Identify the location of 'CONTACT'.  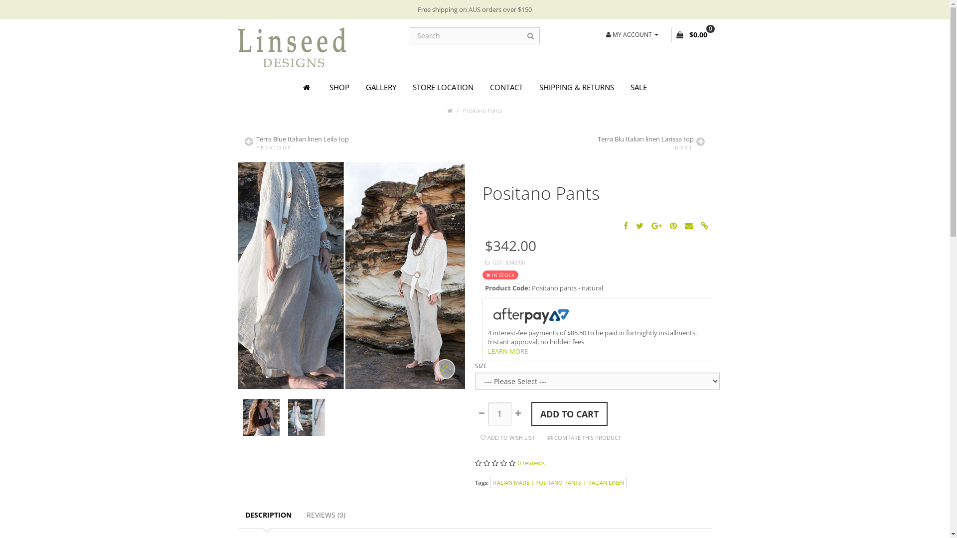
(506, 86).